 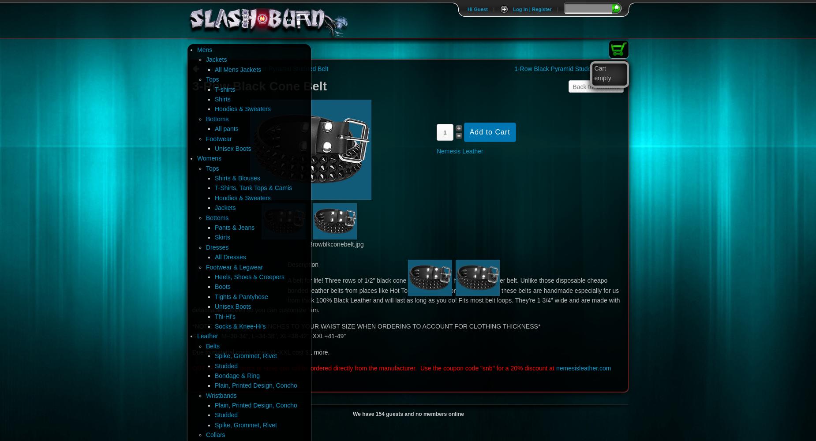 What do you see at coordinates (408, 414) in the screenshot?
I see `'We have 154 guests and no members online'` at bounding box center [408, 414].